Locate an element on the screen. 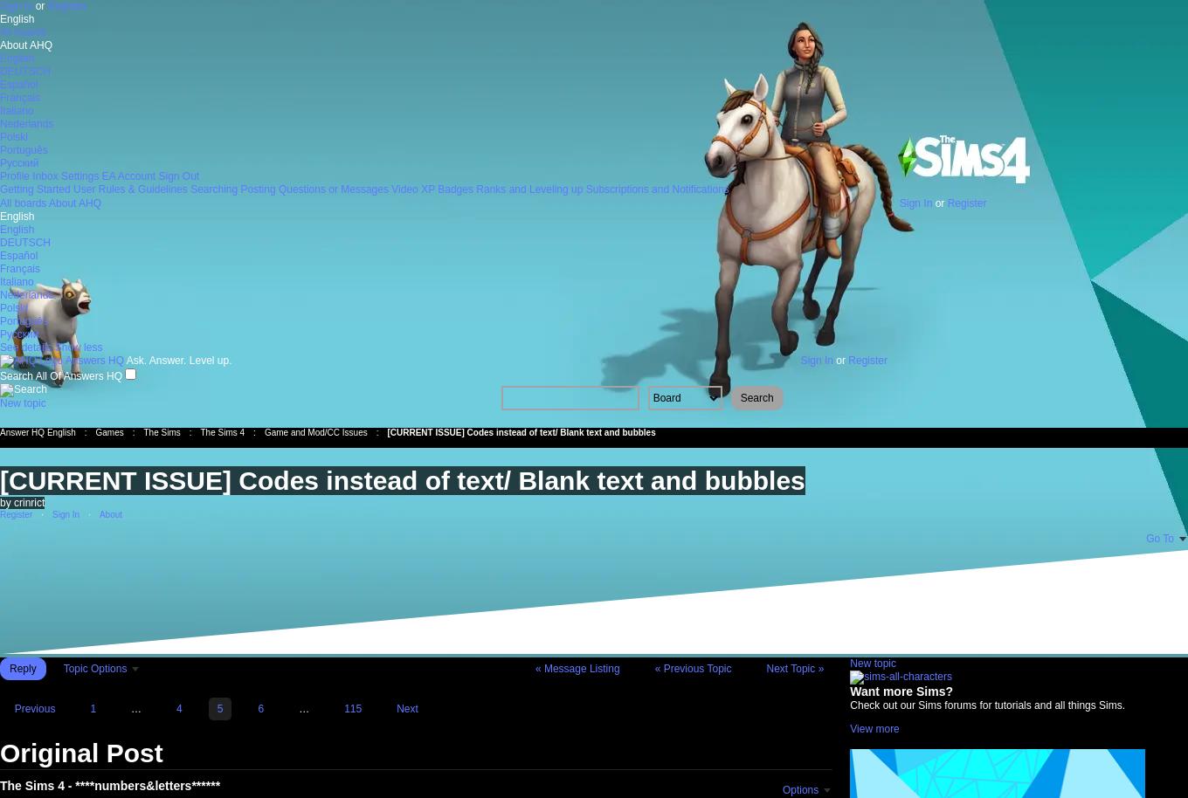 Image resolution: width=1188 pixels, height=798 pixels. 'User Rules & Guidelines' is located at coordinates (73, 189).